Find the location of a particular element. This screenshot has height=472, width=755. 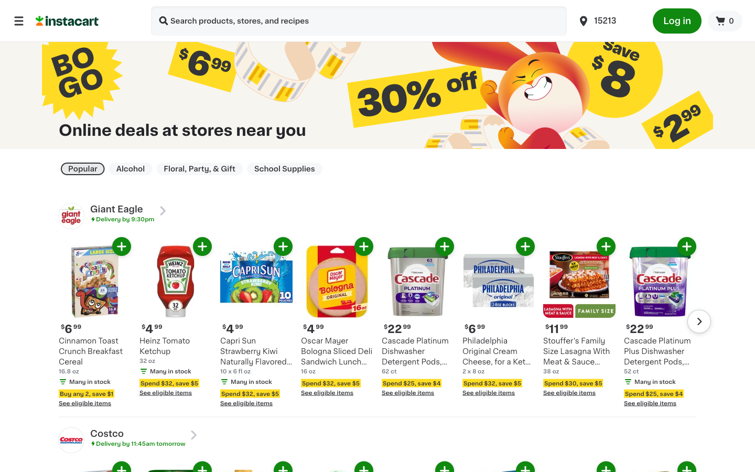

Go to the main page of Instacart is located at coordinates (87, 20).